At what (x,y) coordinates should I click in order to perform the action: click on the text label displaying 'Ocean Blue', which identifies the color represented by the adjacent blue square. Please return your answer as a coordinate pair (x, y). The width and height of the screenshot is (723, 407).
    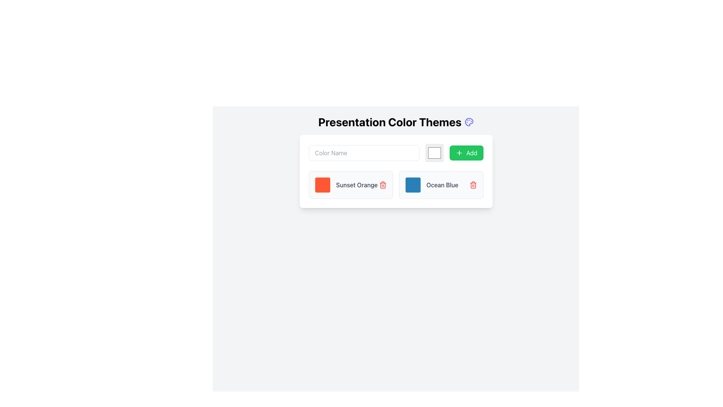
    Looking at the image, I should click on (442, 185).